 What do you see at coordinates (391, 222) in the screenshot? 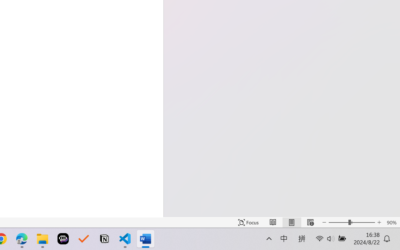
I see `'Zoom 90%'` at bounding box center [391, 222].